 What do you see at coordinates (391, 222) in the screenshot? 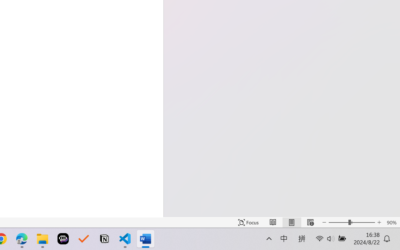
I see `'Zoom 90%'` at bounding box center [391, 222].